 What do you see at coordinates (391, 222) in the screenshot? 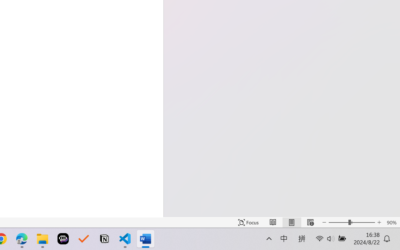
I see `'Zoom 90%'` at bounding box center [391, 222].